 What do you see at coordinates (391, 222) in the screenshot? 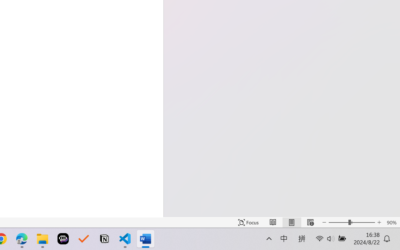
I see `'Zoom 90%'` at bounding box center [391, 222].